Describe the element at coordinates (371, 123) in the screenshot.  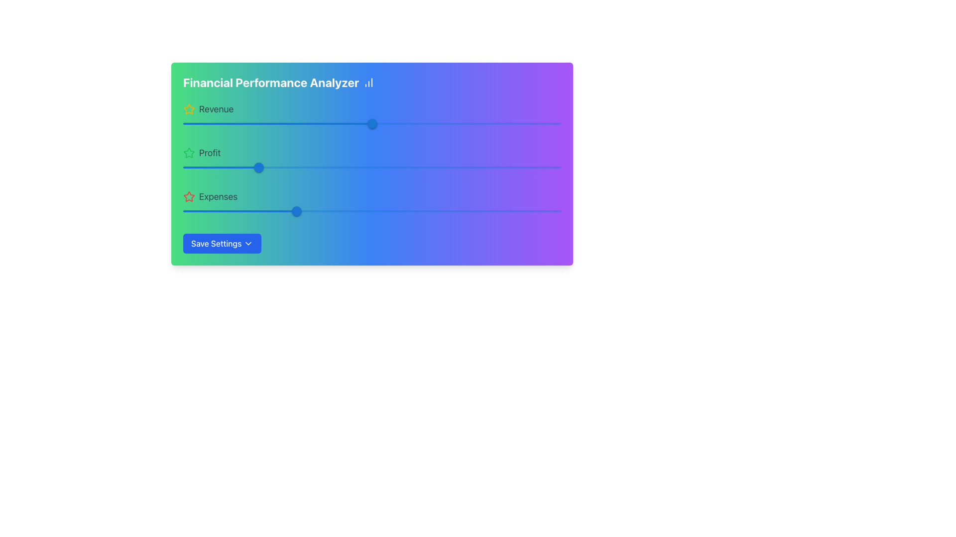
I see `the slider value` at that location.